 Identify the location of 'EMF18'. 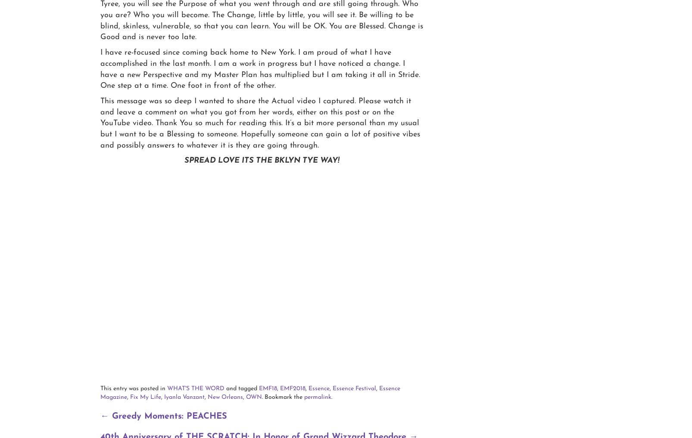
(259, 388).